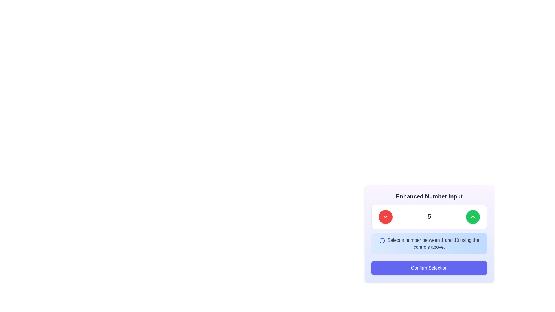 Image resolution: width=555 pixels, height=312 pixels. What do you see at coordinates (429, 217) in the screenshot?
I see `the numeral '5' displayed in a large, bold, monospaced font, which is centered within a white box` at bounding box center [429, 217].